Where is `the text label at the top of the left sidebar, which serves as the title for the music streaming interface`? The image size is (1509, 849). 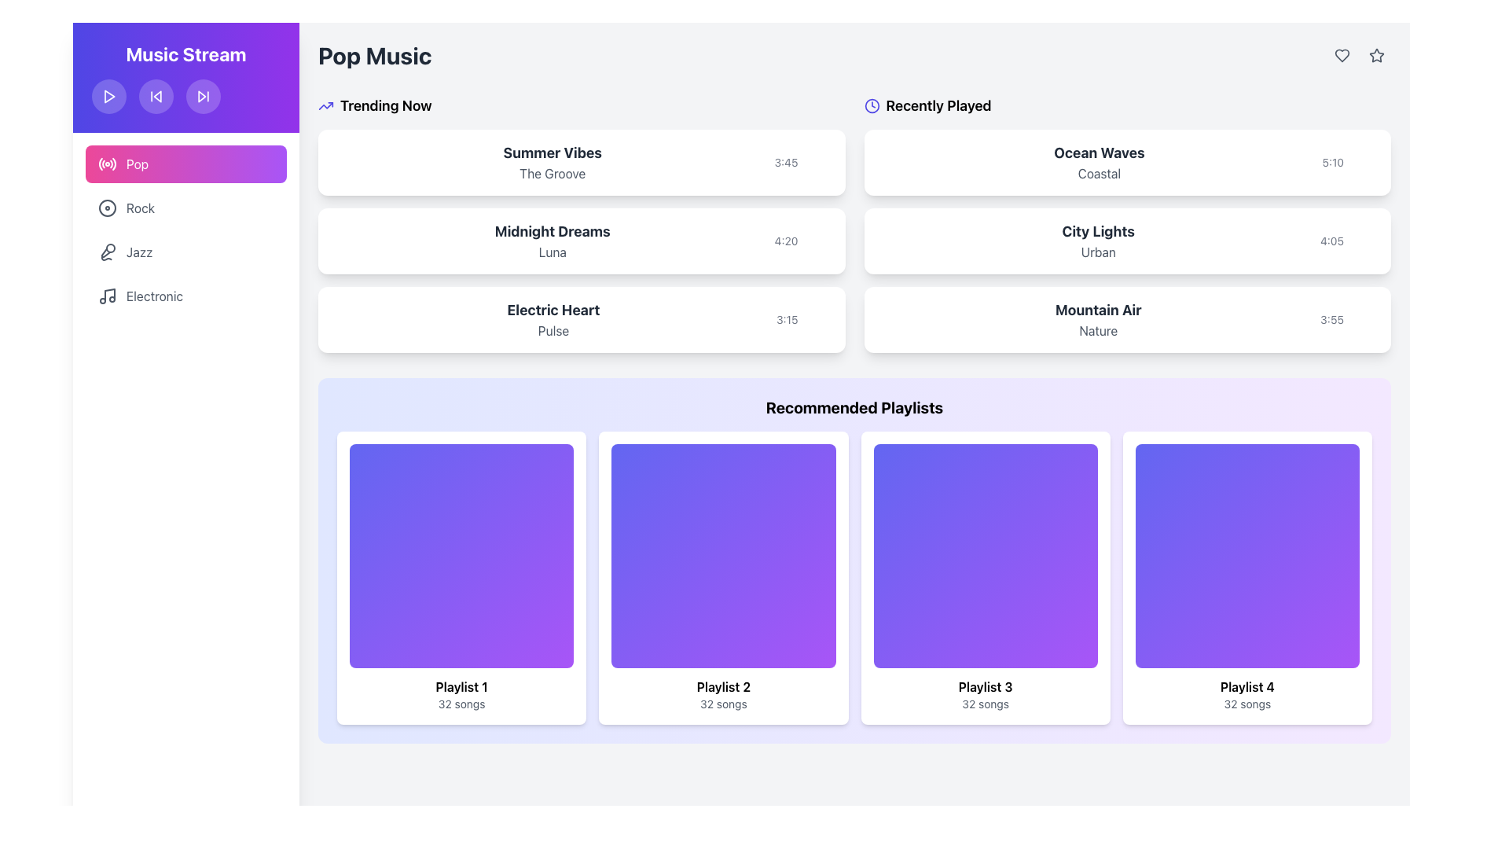 the text label at the top of the left sidebar, which serves as the title for the music streaming interface is located at coordinates (185, 53).